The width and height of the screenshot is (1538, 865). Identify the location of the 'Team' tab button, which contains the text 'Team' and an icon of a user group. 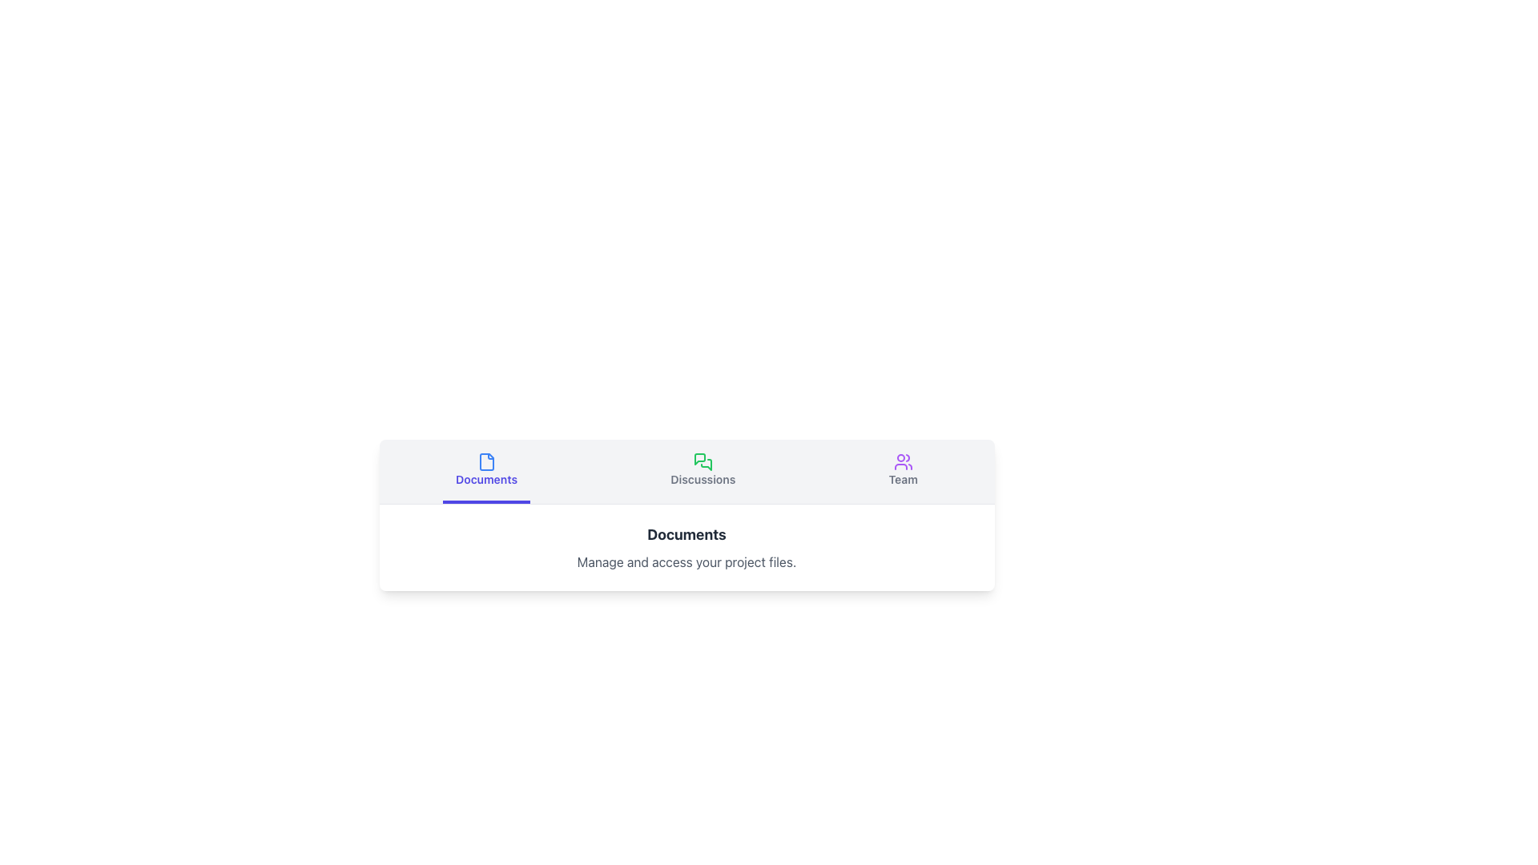
(903, 478).